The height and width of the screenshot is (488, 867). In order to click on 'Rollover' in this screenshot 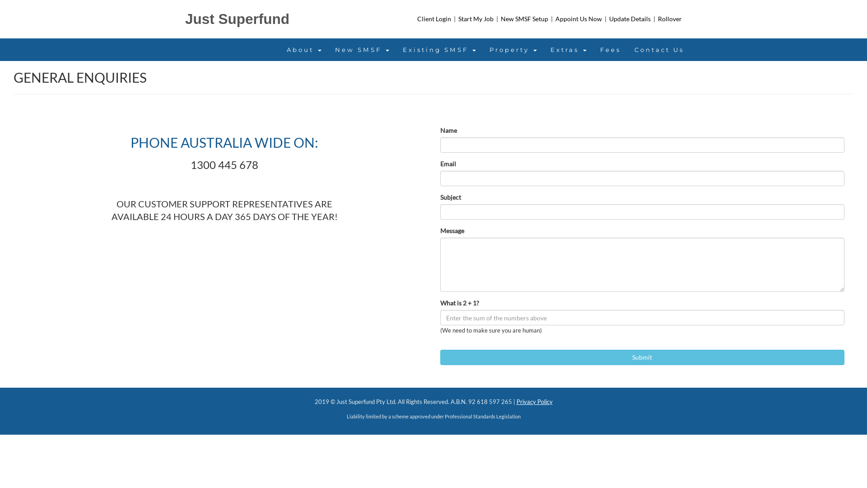, I will do `click(670, 19)`.